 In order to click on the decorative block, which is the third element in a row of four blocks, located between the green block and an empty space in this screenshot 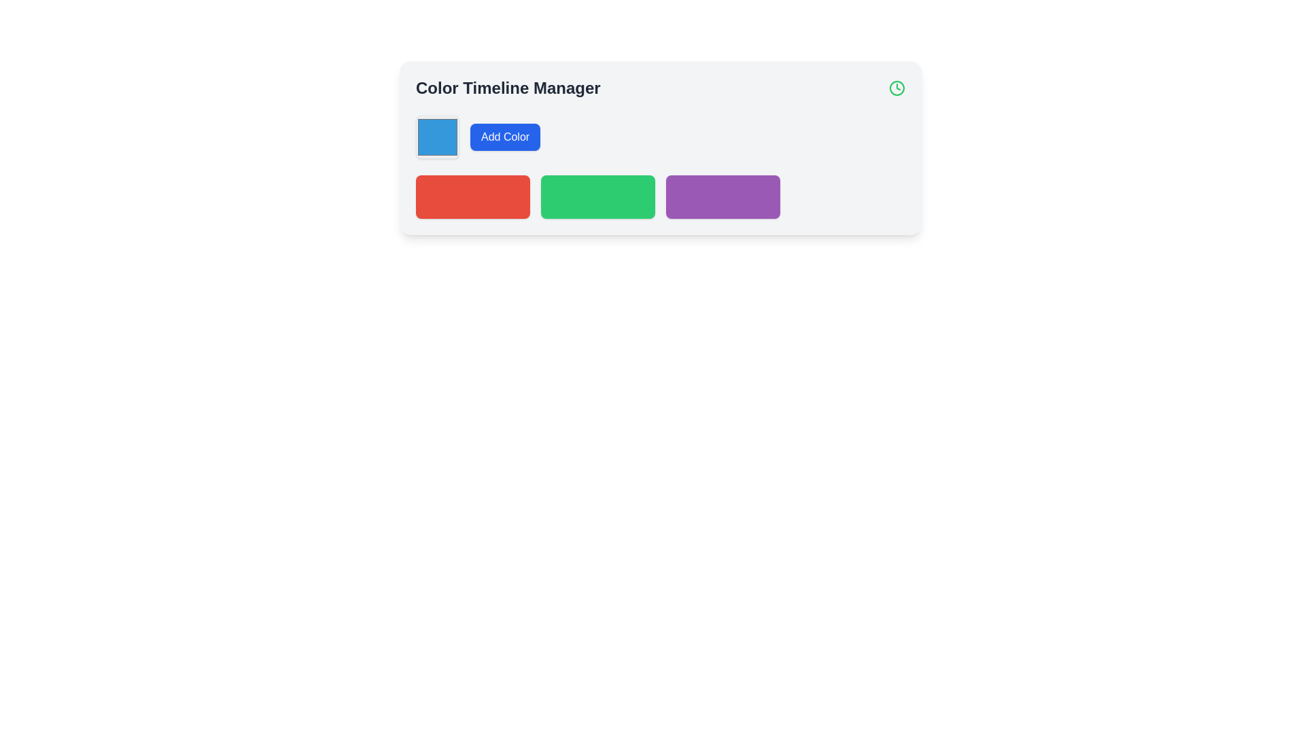, I will do `click(723, 196)`.